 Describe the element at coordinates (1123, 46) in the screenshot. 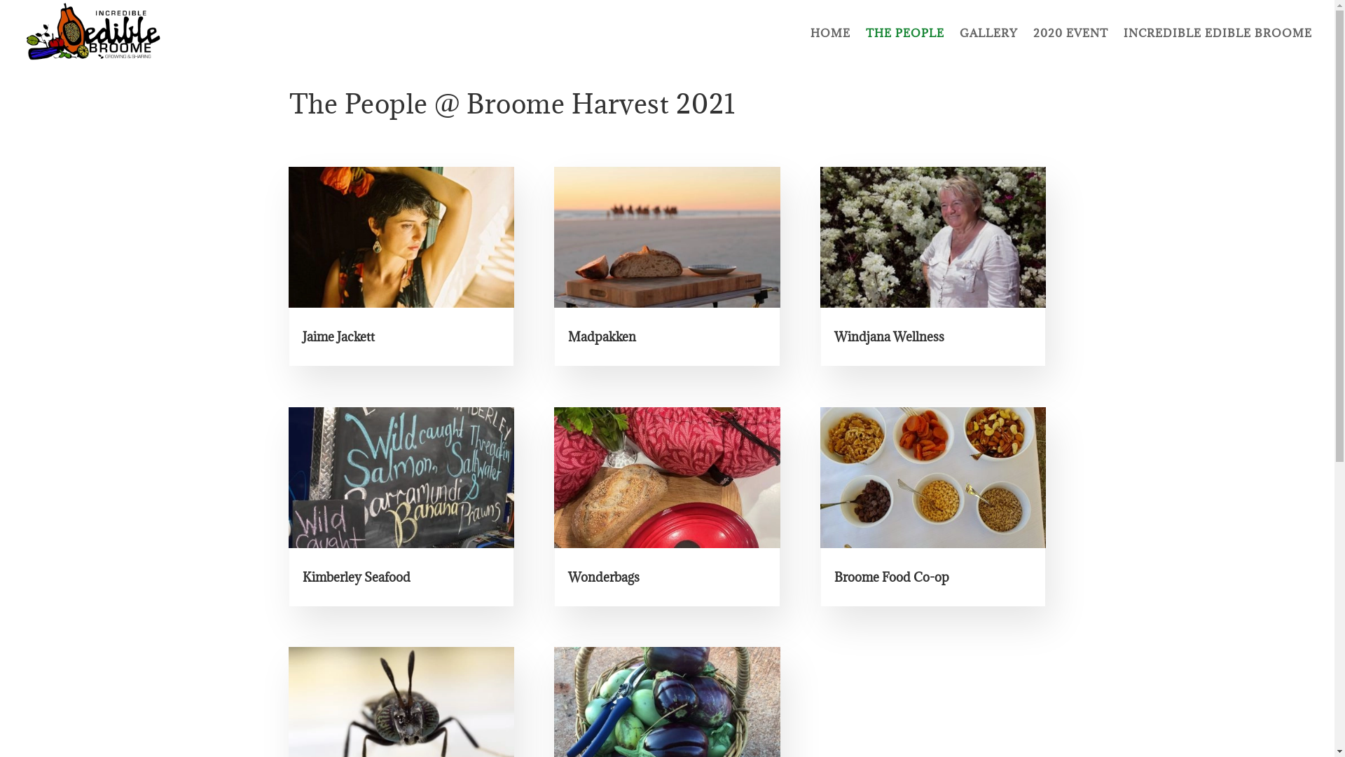

I see `'INCREDIBLE EDIBLE BROOME'` at that location.